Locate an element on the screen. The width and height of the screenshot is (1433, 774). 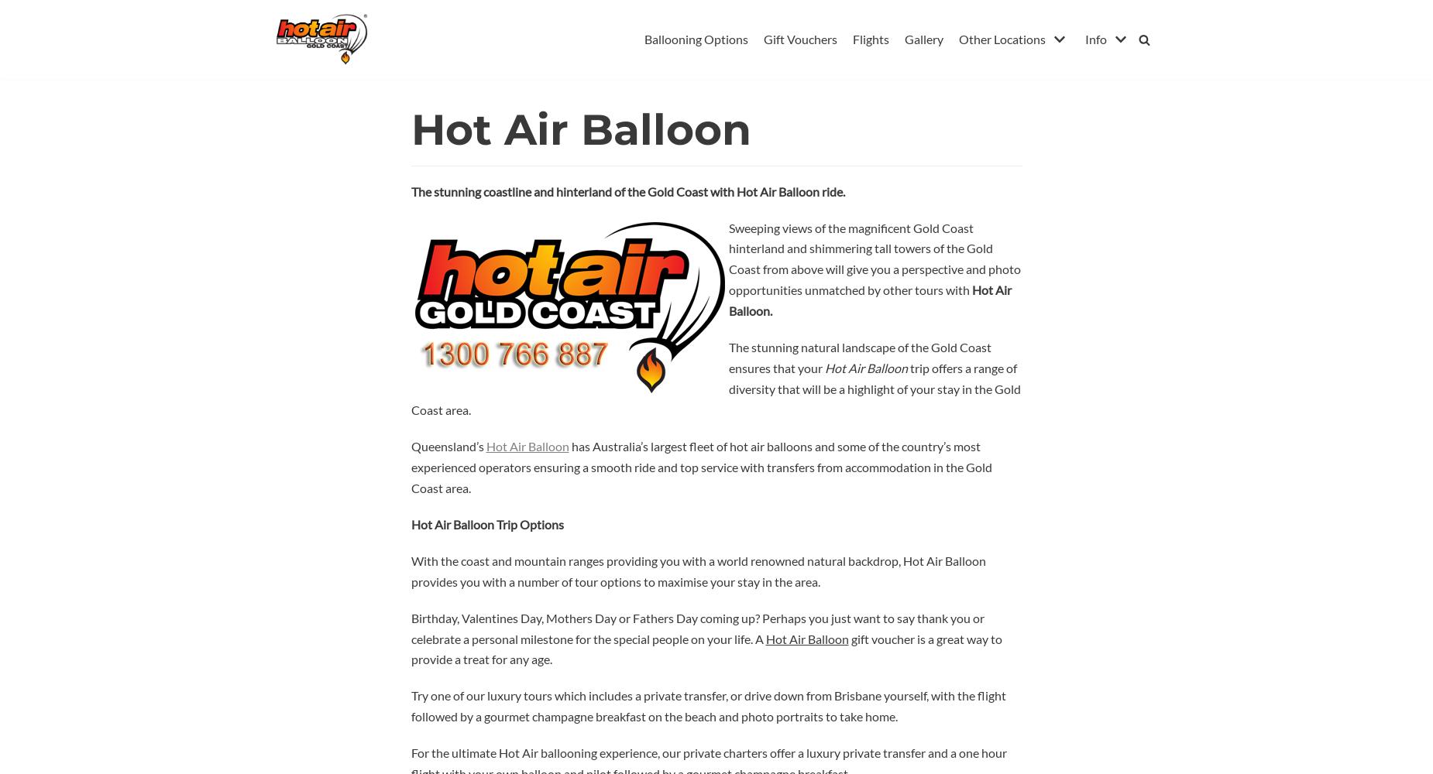
'Flights' is located at coordinates (870, 39).